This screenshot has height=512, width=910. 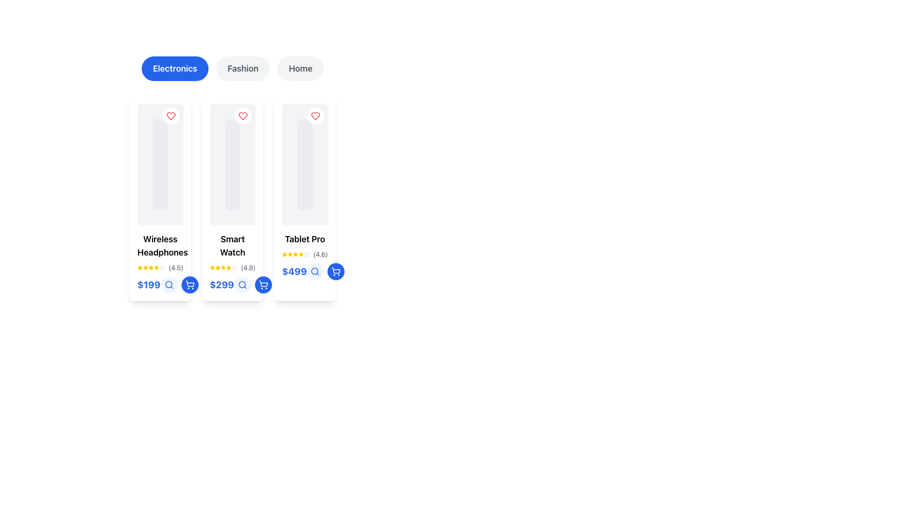 I want to click on the fifth star icon in the rating component for the 'Wireless Headphones' product, which visually represents part of the product's rating, so click(x=156, y=267).